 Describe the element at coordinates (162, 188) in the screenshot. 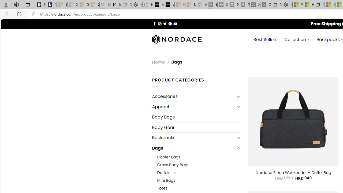

I see `'Totes'` at that location.